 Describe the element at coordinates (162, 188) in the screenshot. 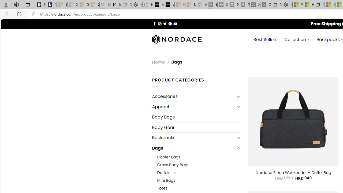

I see `'Totes'` at that location.